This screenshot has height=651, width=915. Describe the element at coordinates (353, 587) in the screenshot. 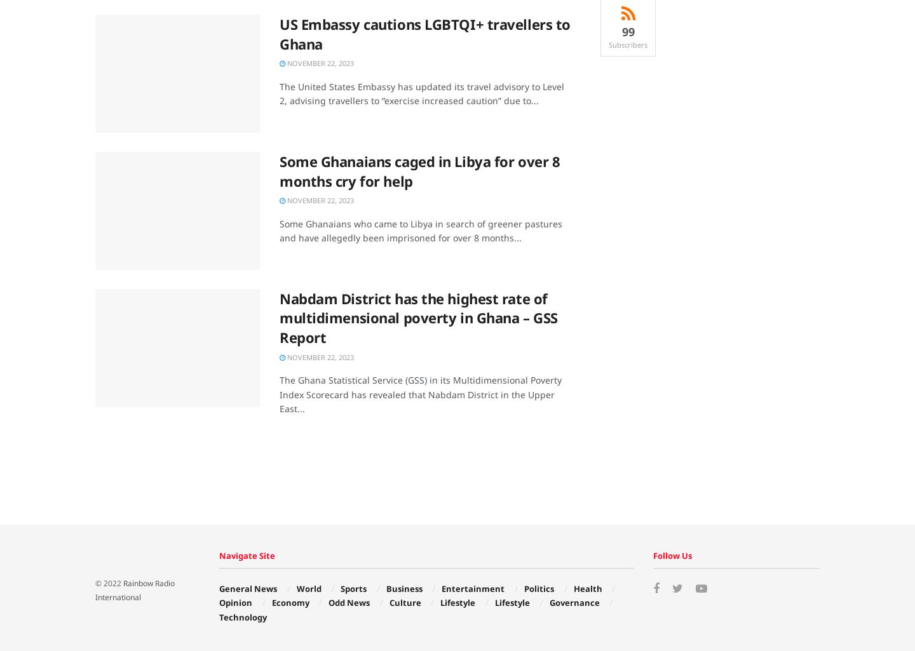

I see `'Sports'` at that location.